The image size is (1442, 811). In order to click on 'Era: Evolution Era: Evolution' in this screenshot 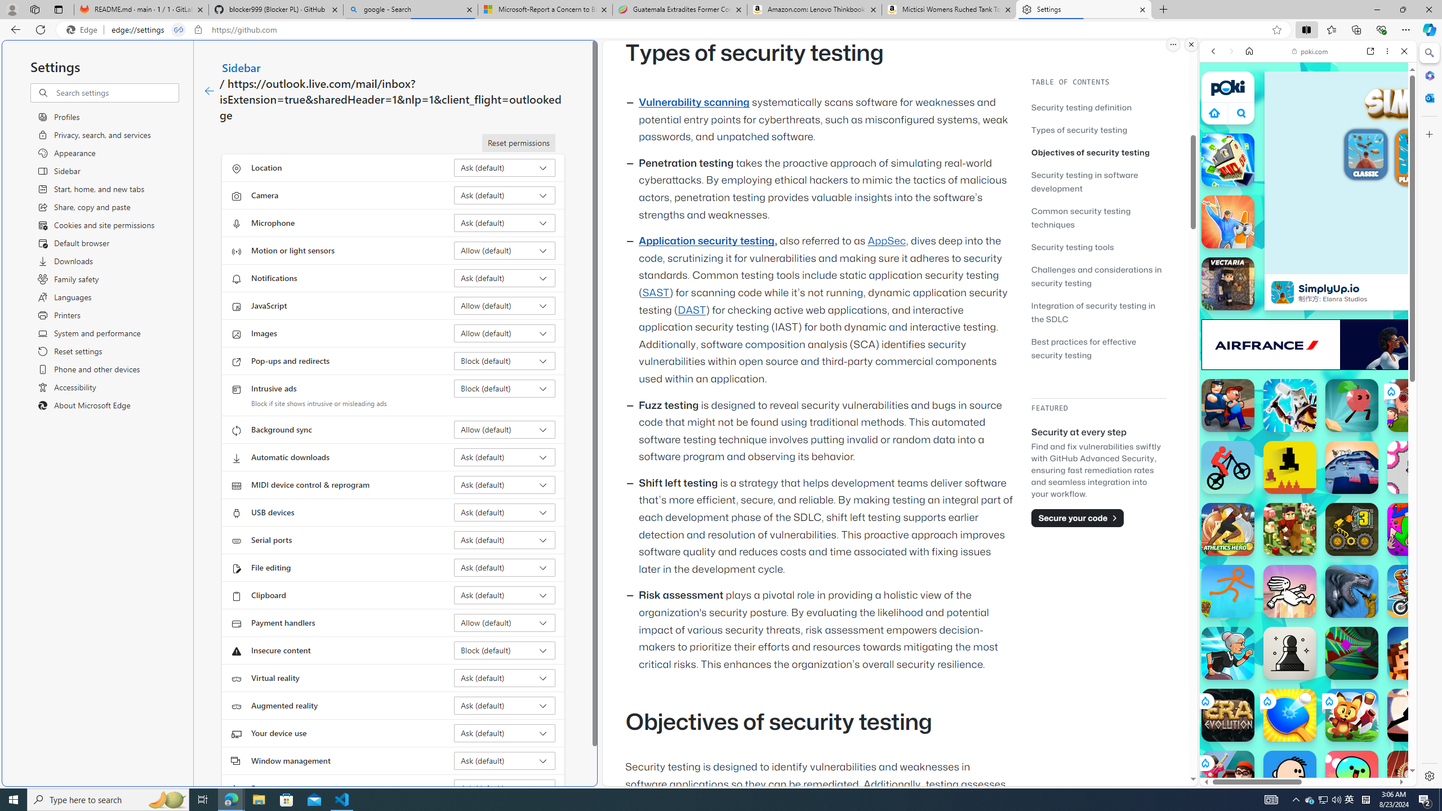, I will do `click(1227, 715)`.